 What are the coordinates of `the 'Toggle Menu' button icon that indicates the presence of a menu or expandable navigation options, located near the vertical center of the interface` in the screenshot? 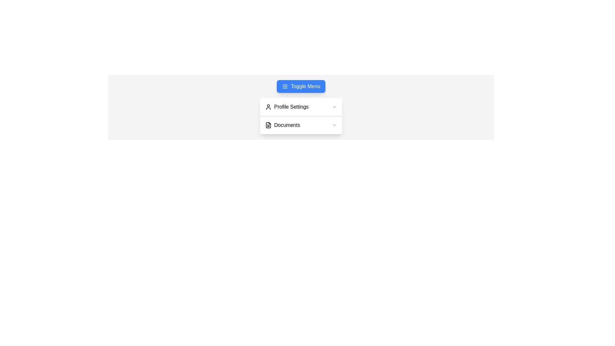 It's located at (285, 86).